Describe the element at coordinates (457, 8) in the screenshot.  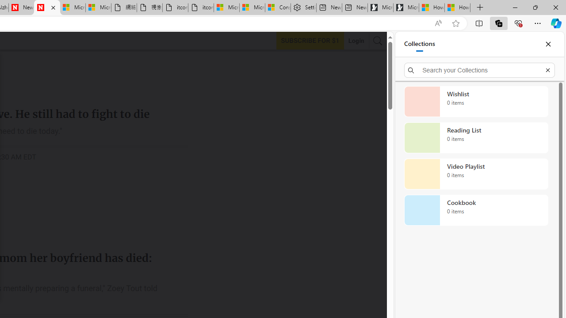
I see `'How to Use a TV as a Computer Monitor'` at that location.